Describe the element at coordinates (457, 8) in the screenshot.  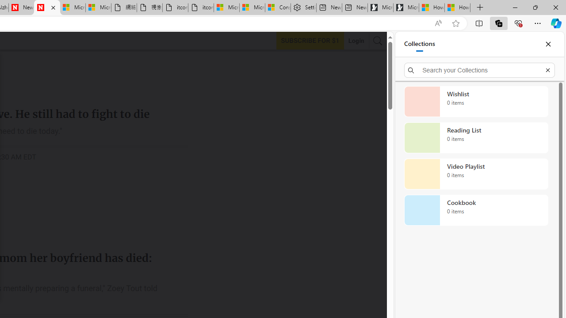
I see `'How to Use a TV as a Computer Monitor'` at that location.